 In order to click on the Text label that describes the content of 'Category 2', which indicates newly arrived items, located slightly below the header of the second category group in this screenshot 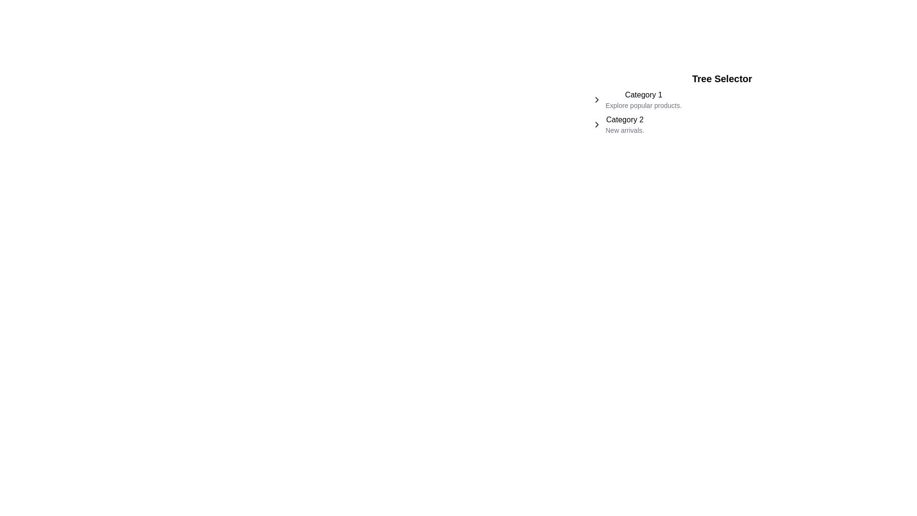, I will do `click(625, 130)`.